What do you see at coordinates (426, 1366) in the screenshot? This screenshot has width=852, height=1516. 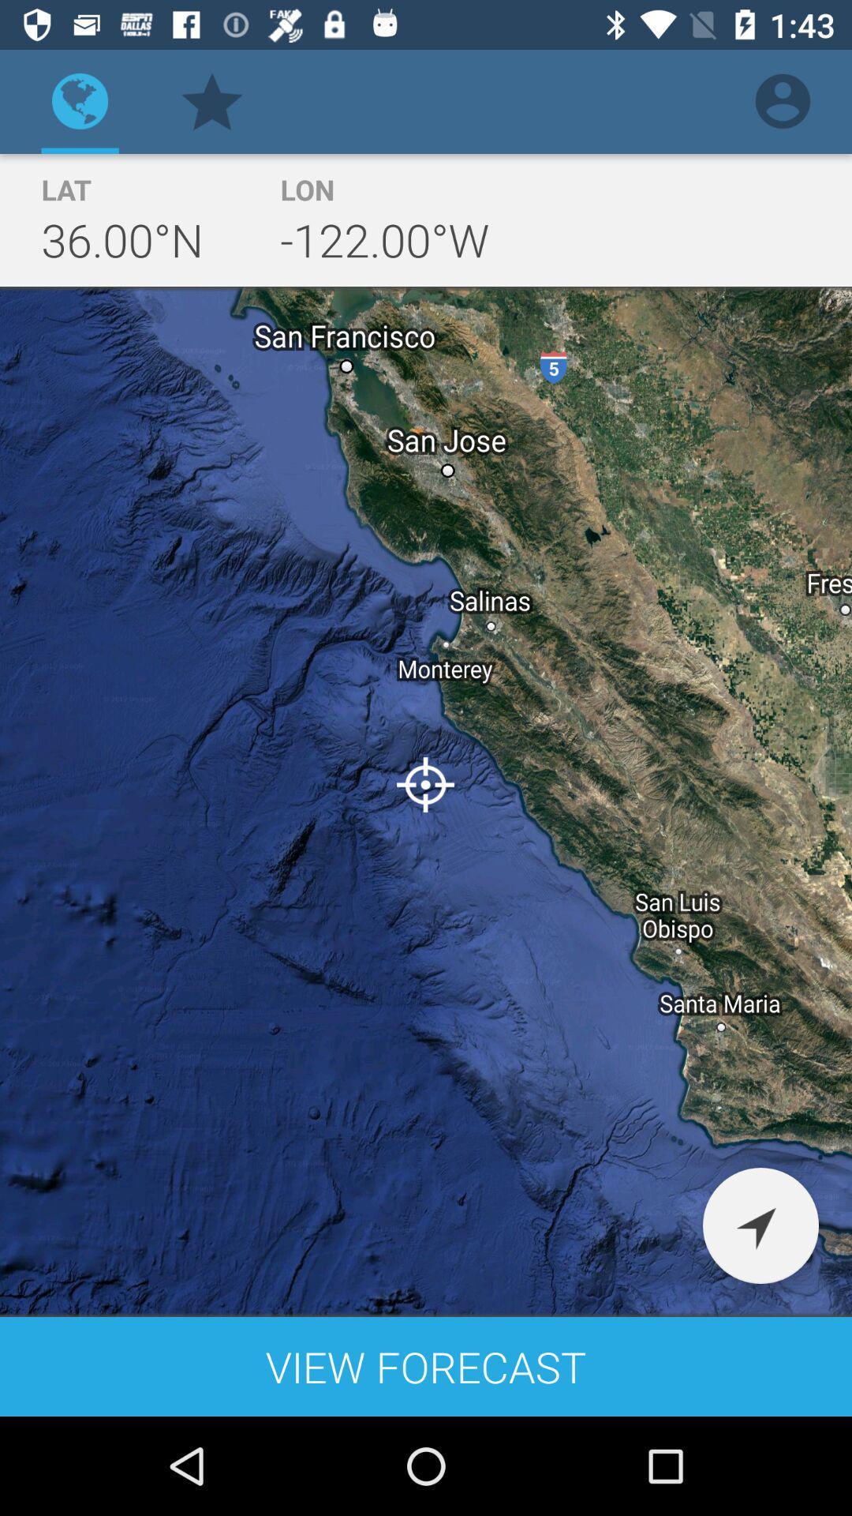 I see `view forecast item` at bounding box center [426, 1366].